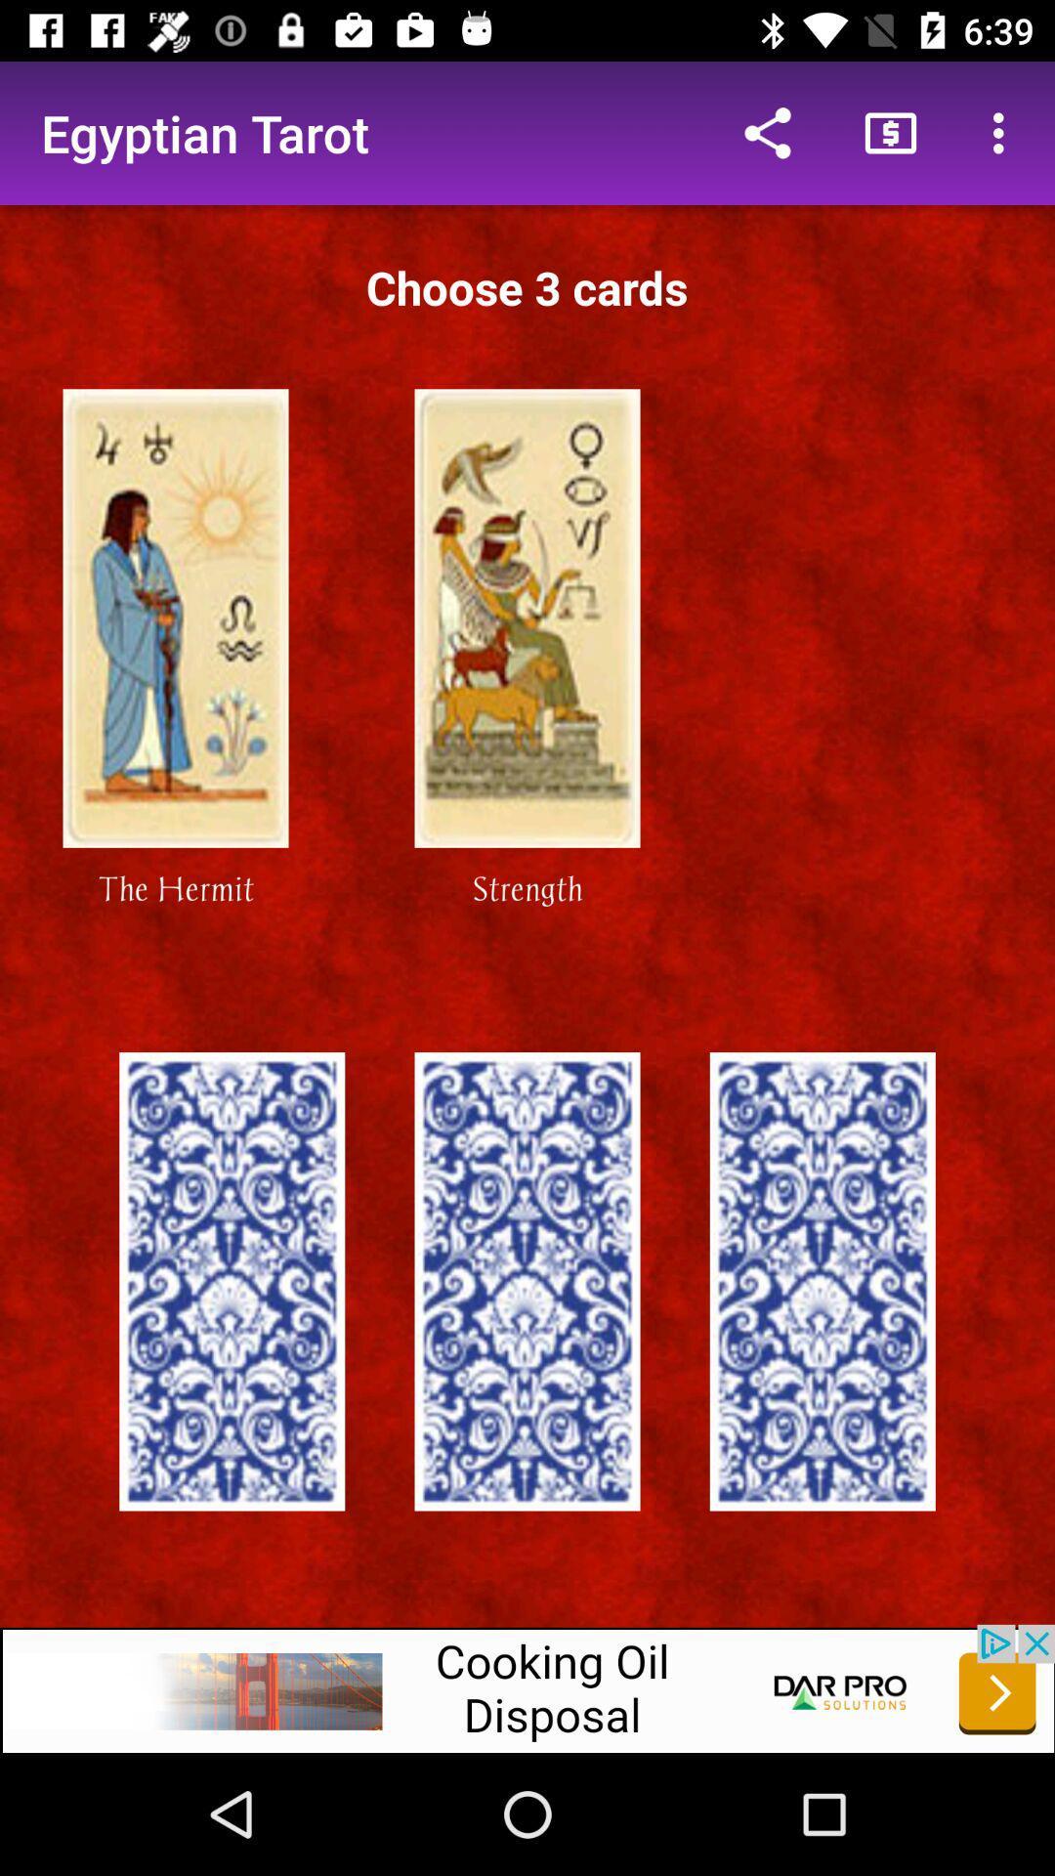 The image size is (1055, 1876). What do you see at coordinates (527, 1687) in the screenshot?
I see `to advertisement box` at bounding box center [527, 1687].